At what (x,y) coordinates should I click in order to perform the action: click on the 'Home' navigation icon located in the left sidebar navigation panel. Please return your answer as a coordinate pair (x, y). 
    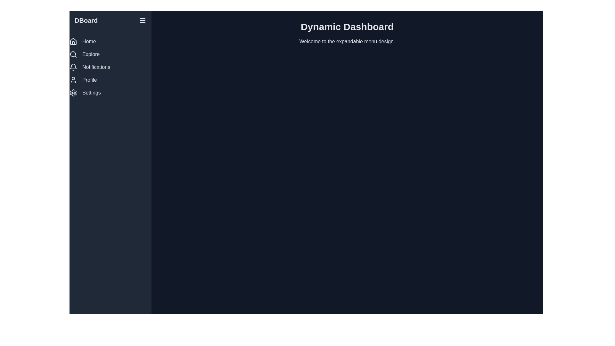
    Looking at the image, I should click on (73, 42).